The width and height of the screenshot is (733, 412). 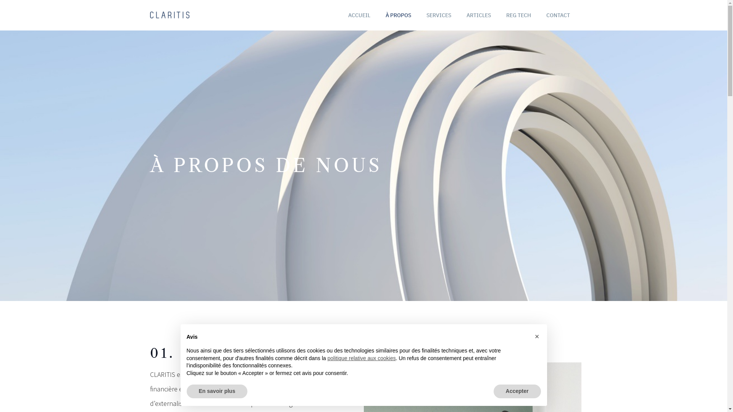 I want to click on 'REG TECH', so click(x=518, y=15).